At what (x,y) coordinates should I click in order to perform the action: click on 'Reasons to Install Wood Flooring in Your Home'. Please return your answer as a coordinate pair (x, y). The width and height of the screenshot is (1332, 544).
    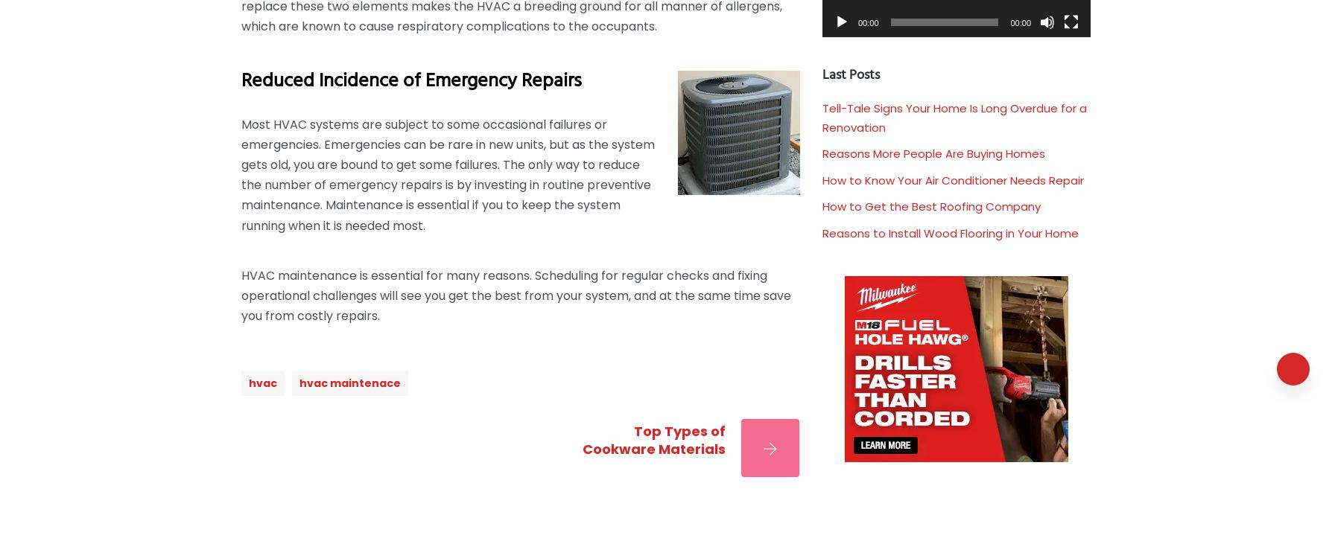
    Looking at the image, I should click on (949, 231).